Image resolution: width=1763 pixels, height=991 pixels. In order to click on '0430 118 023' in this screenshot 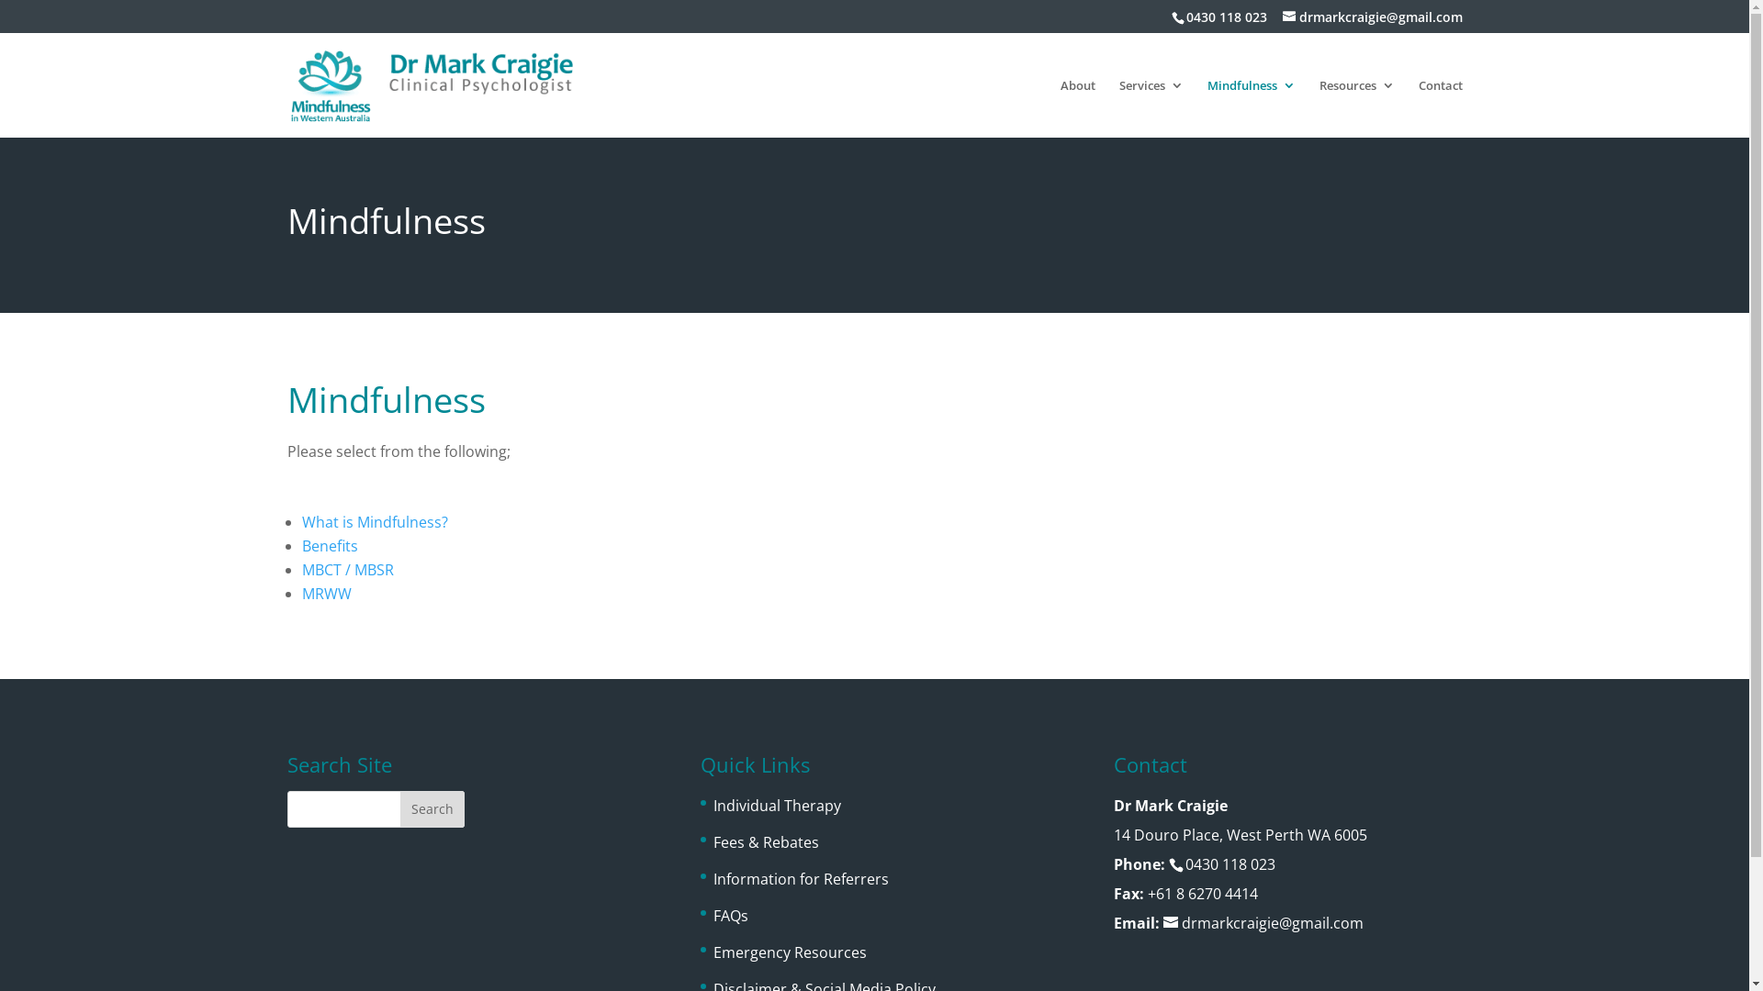, I will do `click(1225, 16)`.